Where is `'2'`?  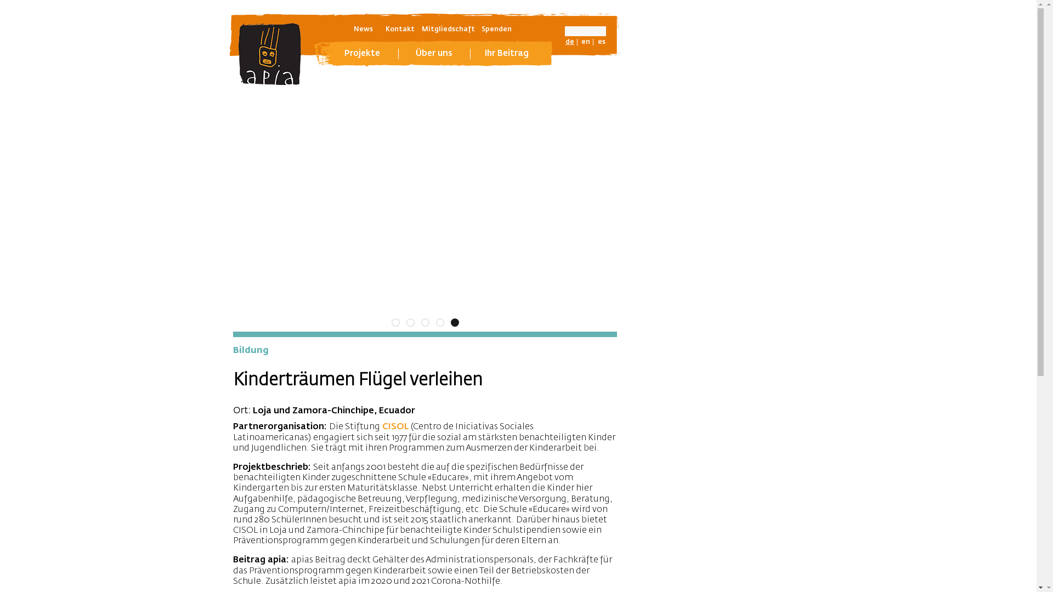 '2' is located at coordinates (409, 322).